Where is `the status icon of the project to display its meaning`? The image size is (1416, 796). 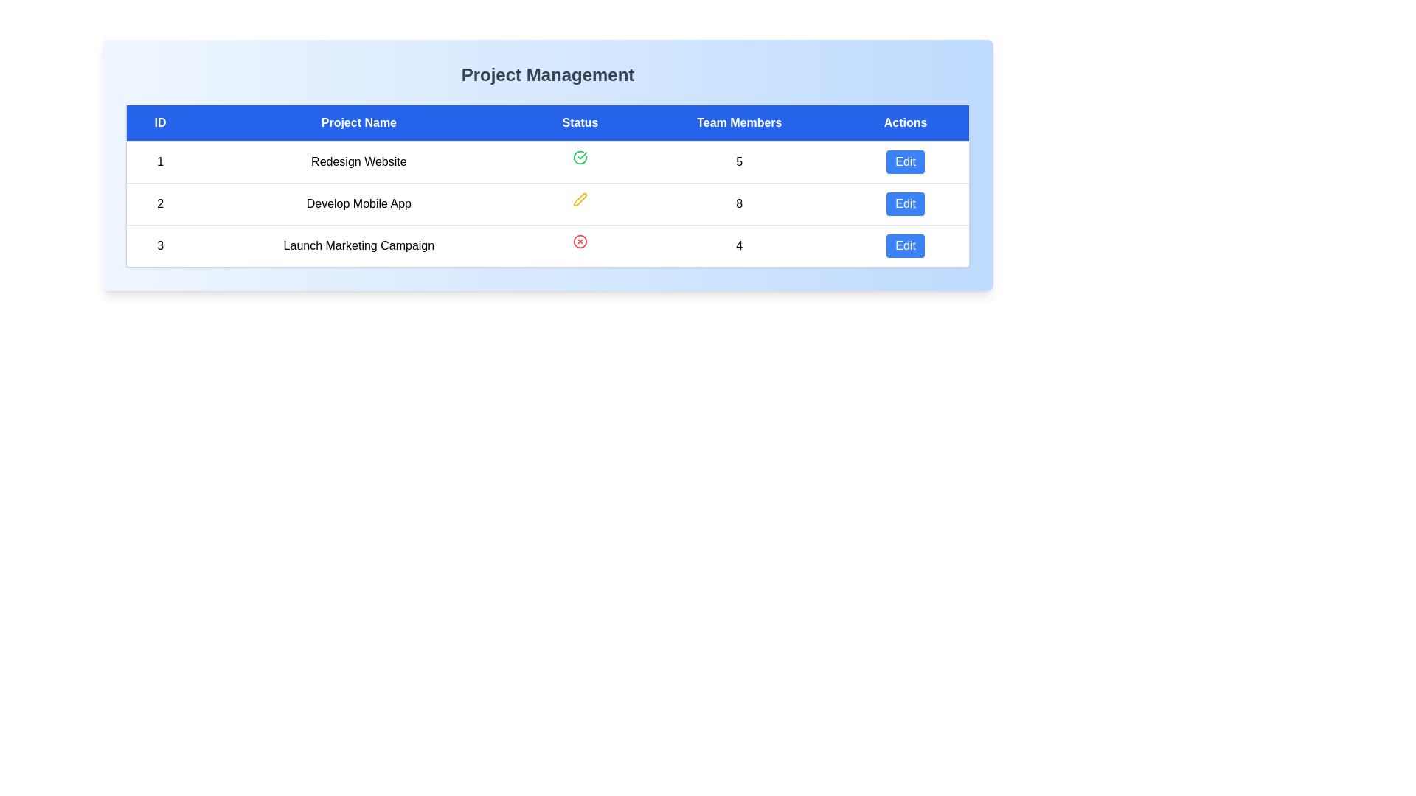 the status icon of the project to display its meaning is located at coordinates (580, 157).